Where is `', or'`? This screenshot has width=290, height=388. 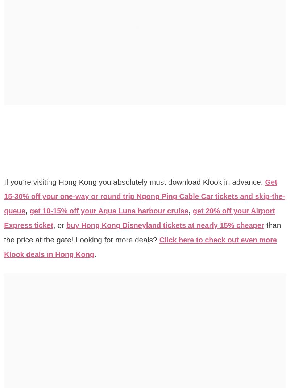 ', or' is located at coordinates (89, 225).